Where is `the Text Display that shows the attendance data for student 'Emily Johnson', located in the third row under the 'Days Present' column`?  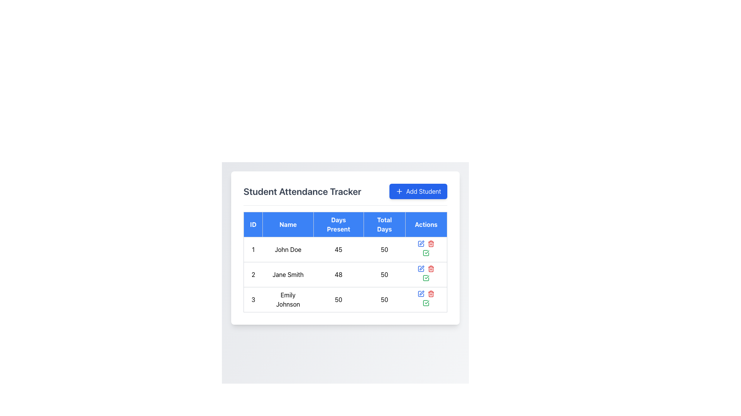
the Text Display that shows the attendance data for student 'Emily Johnson', located in the third row under the 'Days Present' column is located at coordinates (338, 299).